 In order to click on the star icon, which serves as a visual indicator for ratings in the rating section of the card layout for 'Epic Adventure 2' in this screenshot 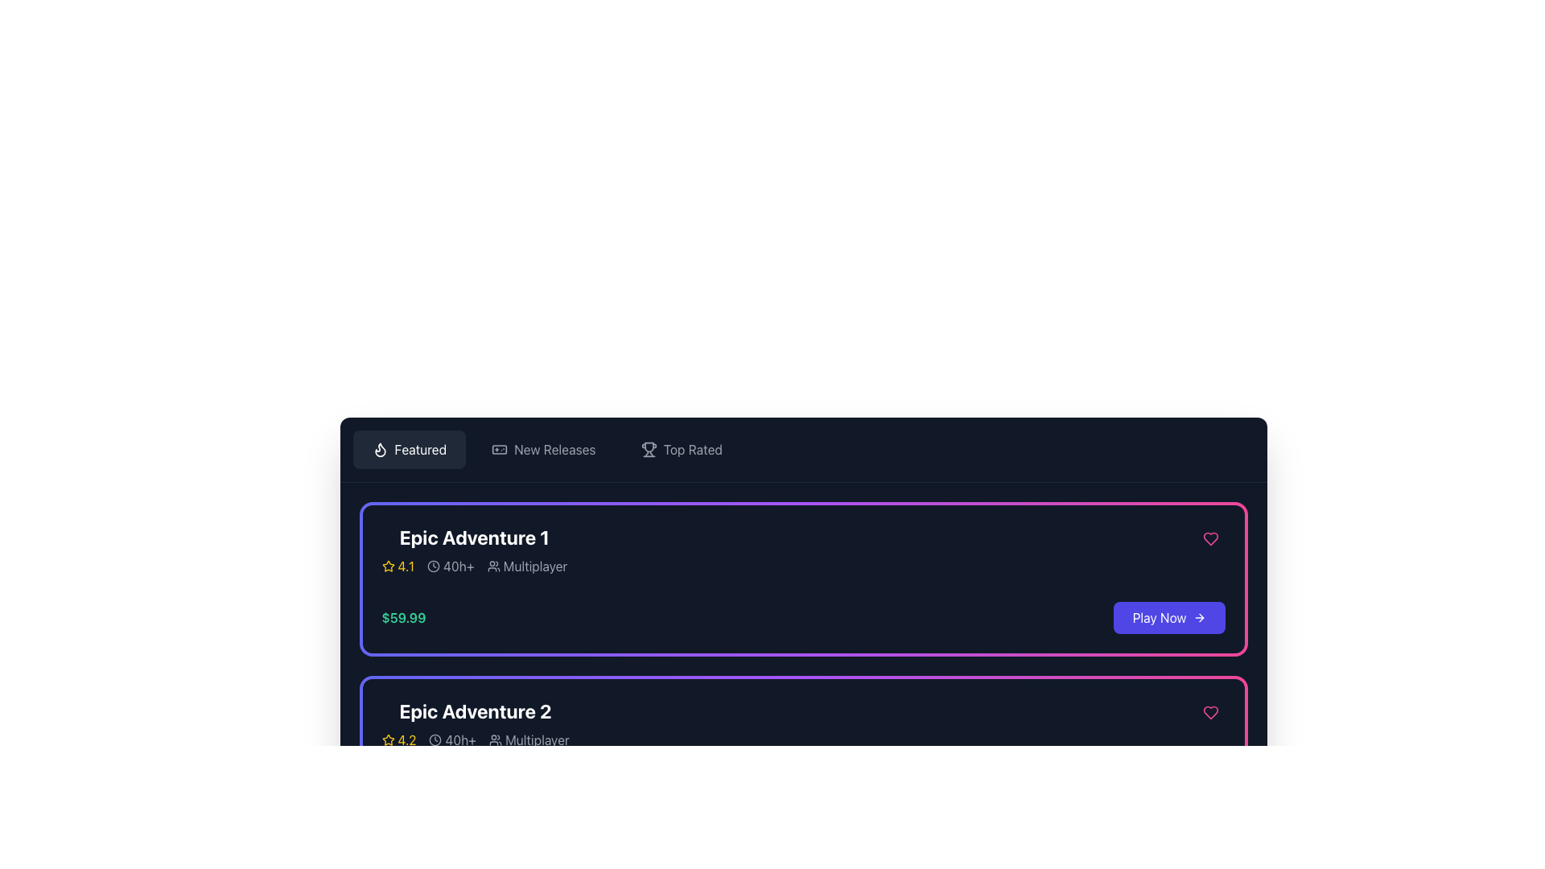, I will do `click(388, 565)`.